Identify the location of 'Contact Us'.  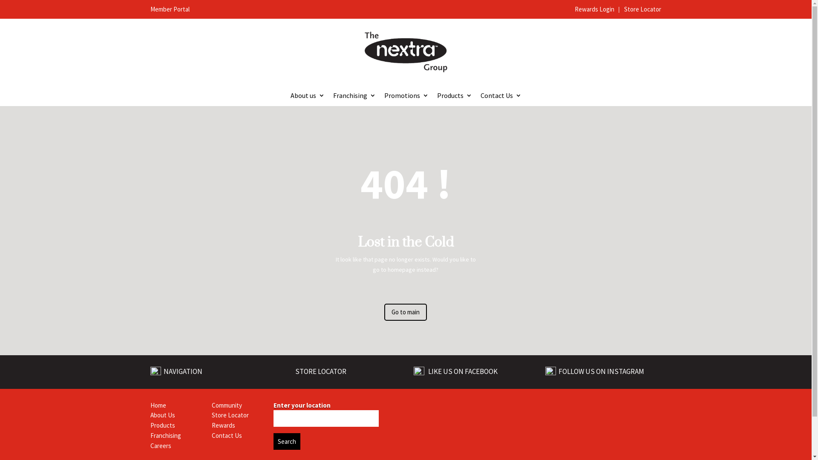
(501, 96).